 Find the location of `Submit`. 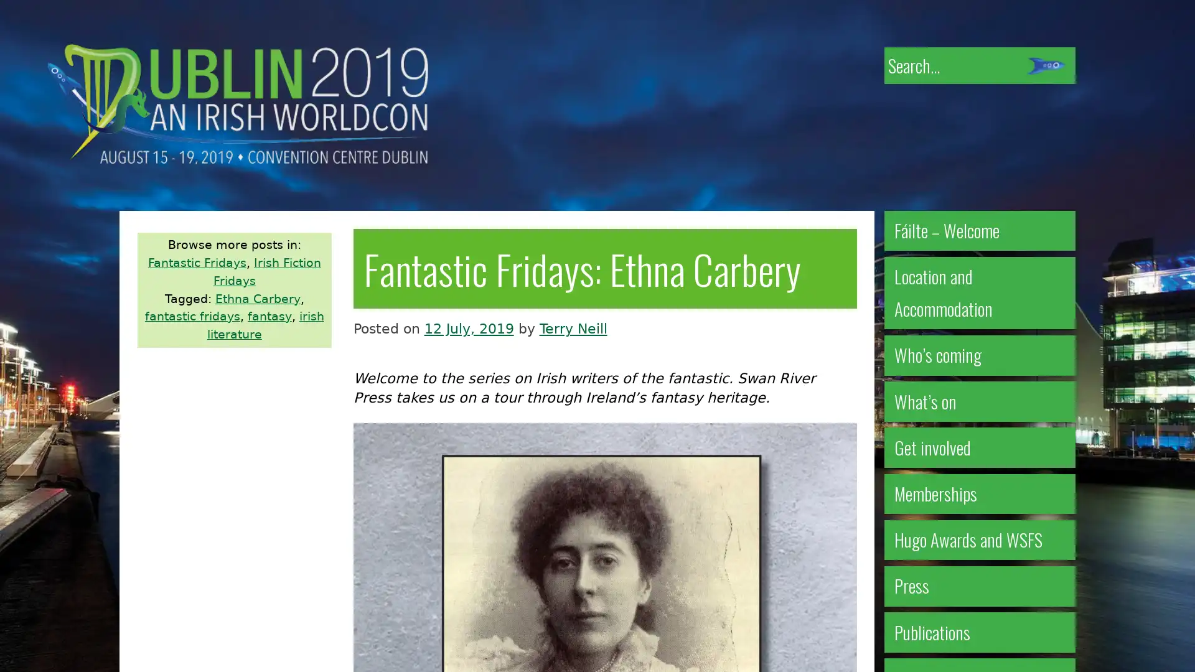

Submit is located at coordinates (1046, 66).